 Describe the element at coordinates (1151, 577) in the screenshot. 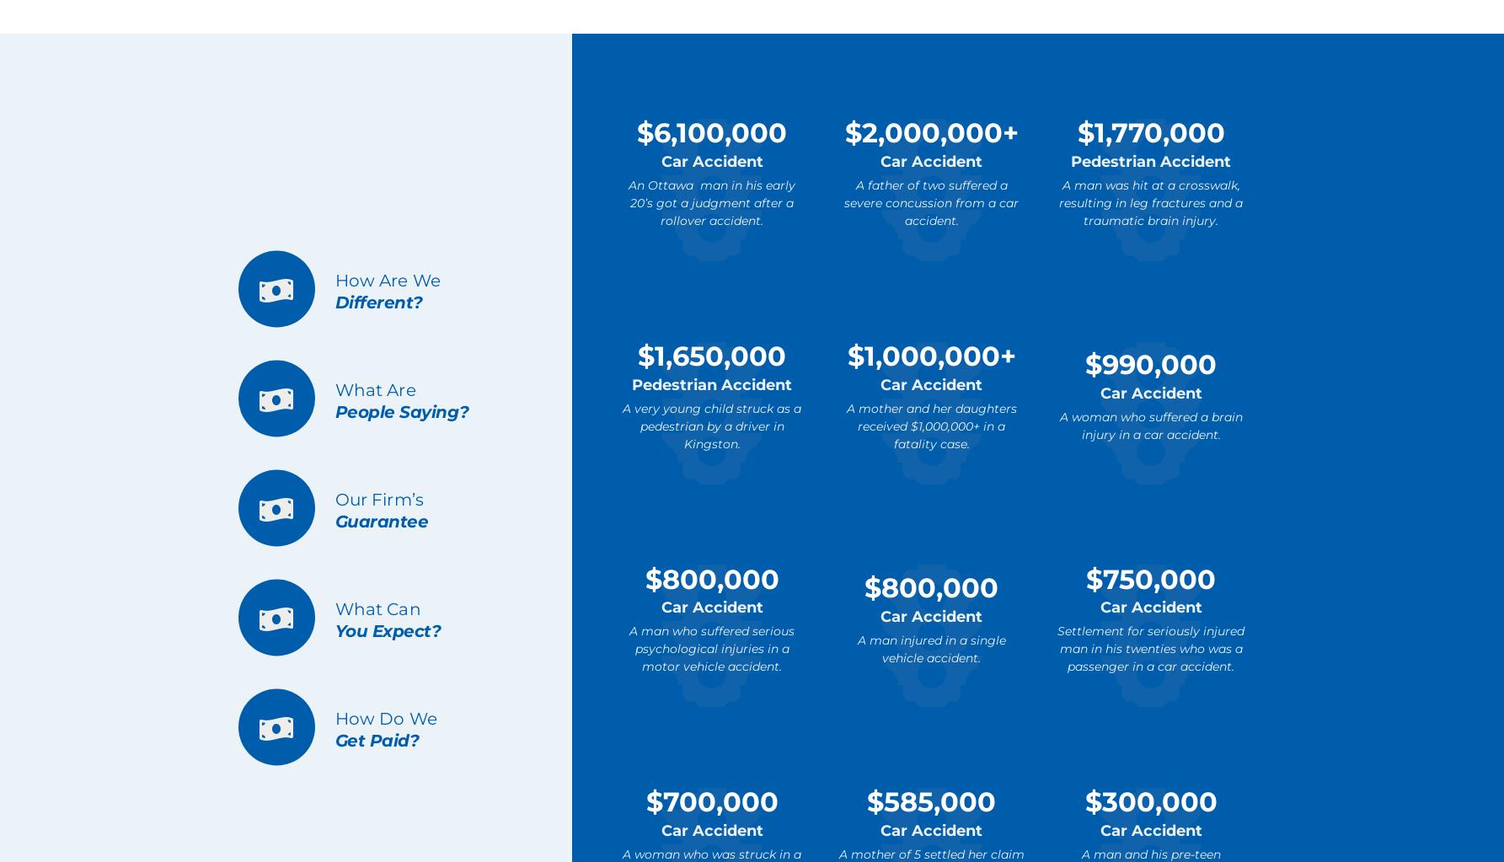

I see `'$750,000'` at that location.